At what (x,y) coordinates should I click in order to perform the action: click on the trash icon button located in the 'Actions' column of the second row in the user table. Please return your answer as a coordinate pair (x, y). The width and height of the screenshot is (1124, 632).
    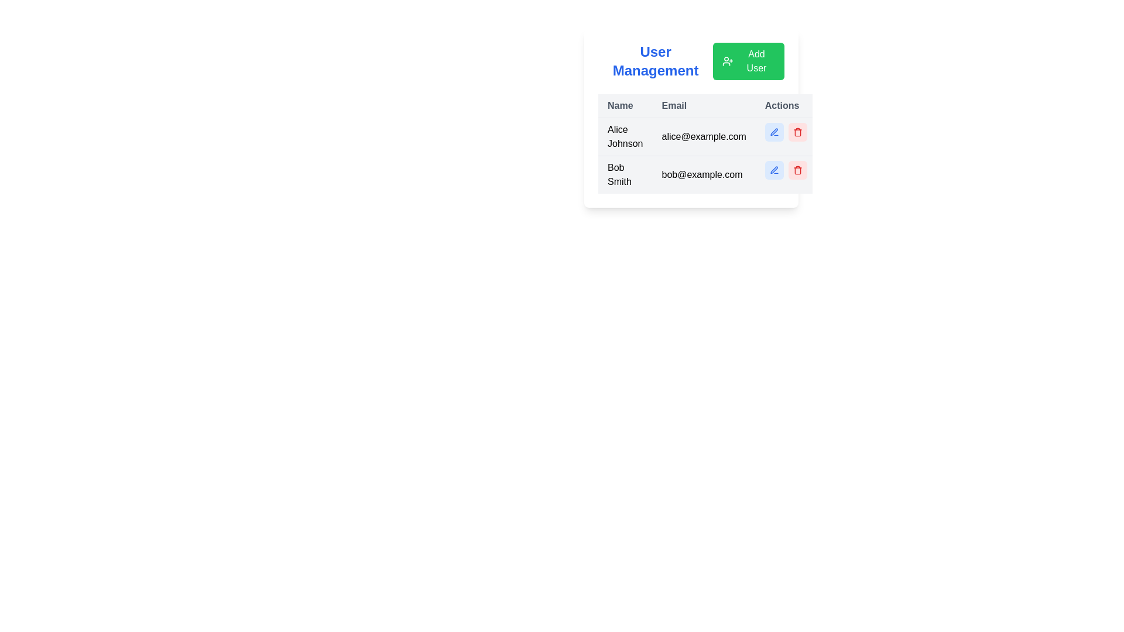
    Looking at the image, I should click on (797, 170).